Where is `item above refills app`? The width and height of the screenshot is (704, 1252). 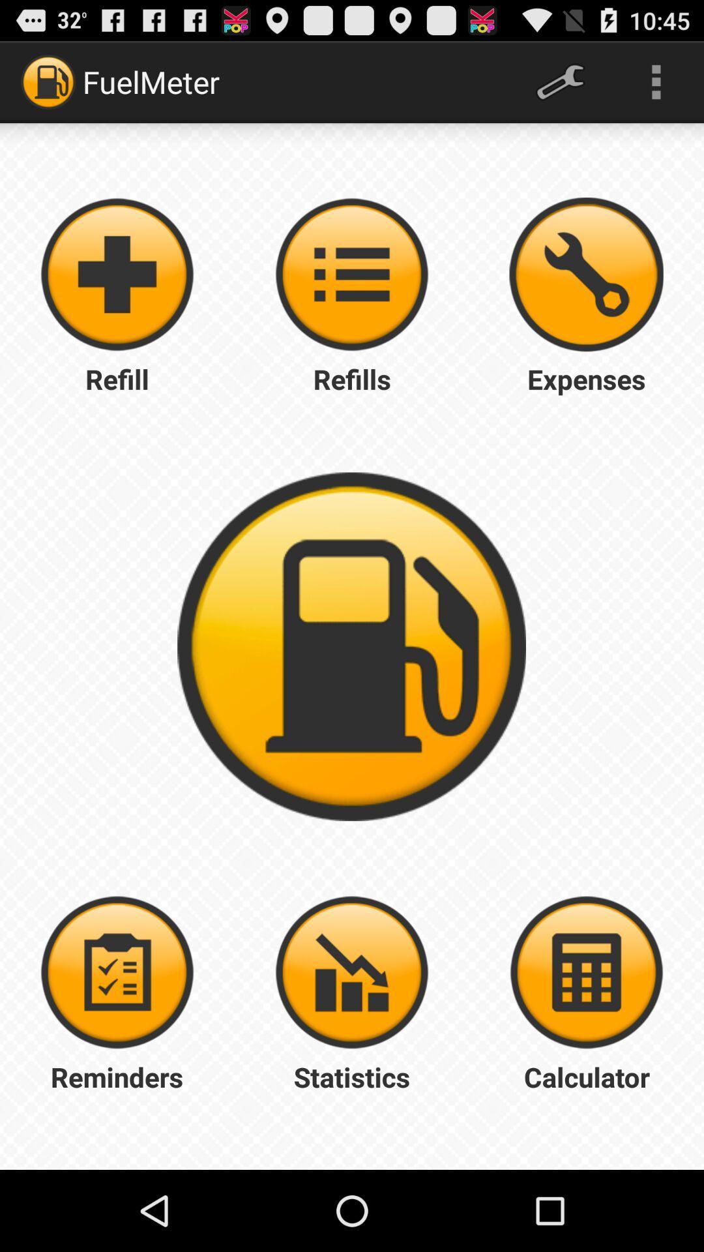 item above refills app is located at coordinates (585, 274).